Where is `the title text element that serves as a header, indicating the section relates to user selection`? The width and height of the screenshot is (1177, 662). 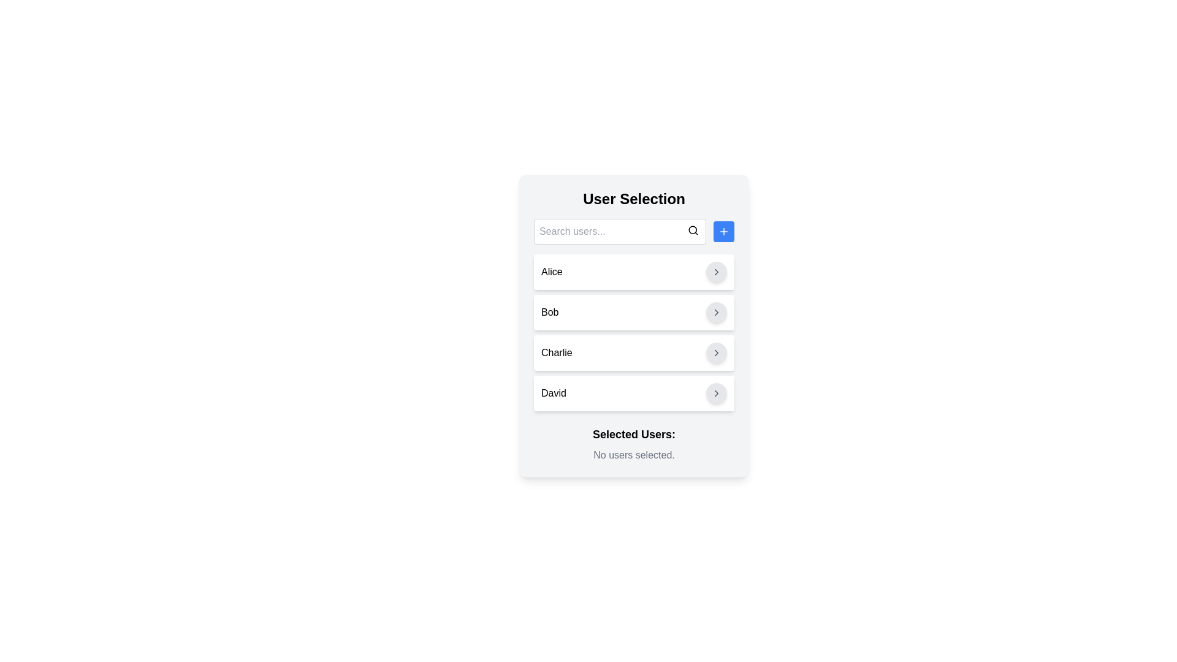
the title text element that serves as a header, indicating the section relates to user selection is located at coordinates (634, 198).